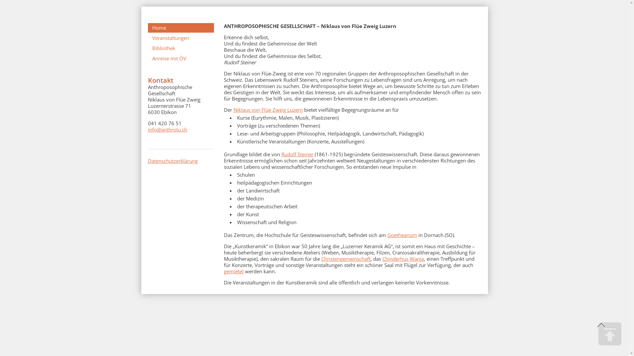  I want to click on 'Chinderhus Wanja', so click(403, 258).